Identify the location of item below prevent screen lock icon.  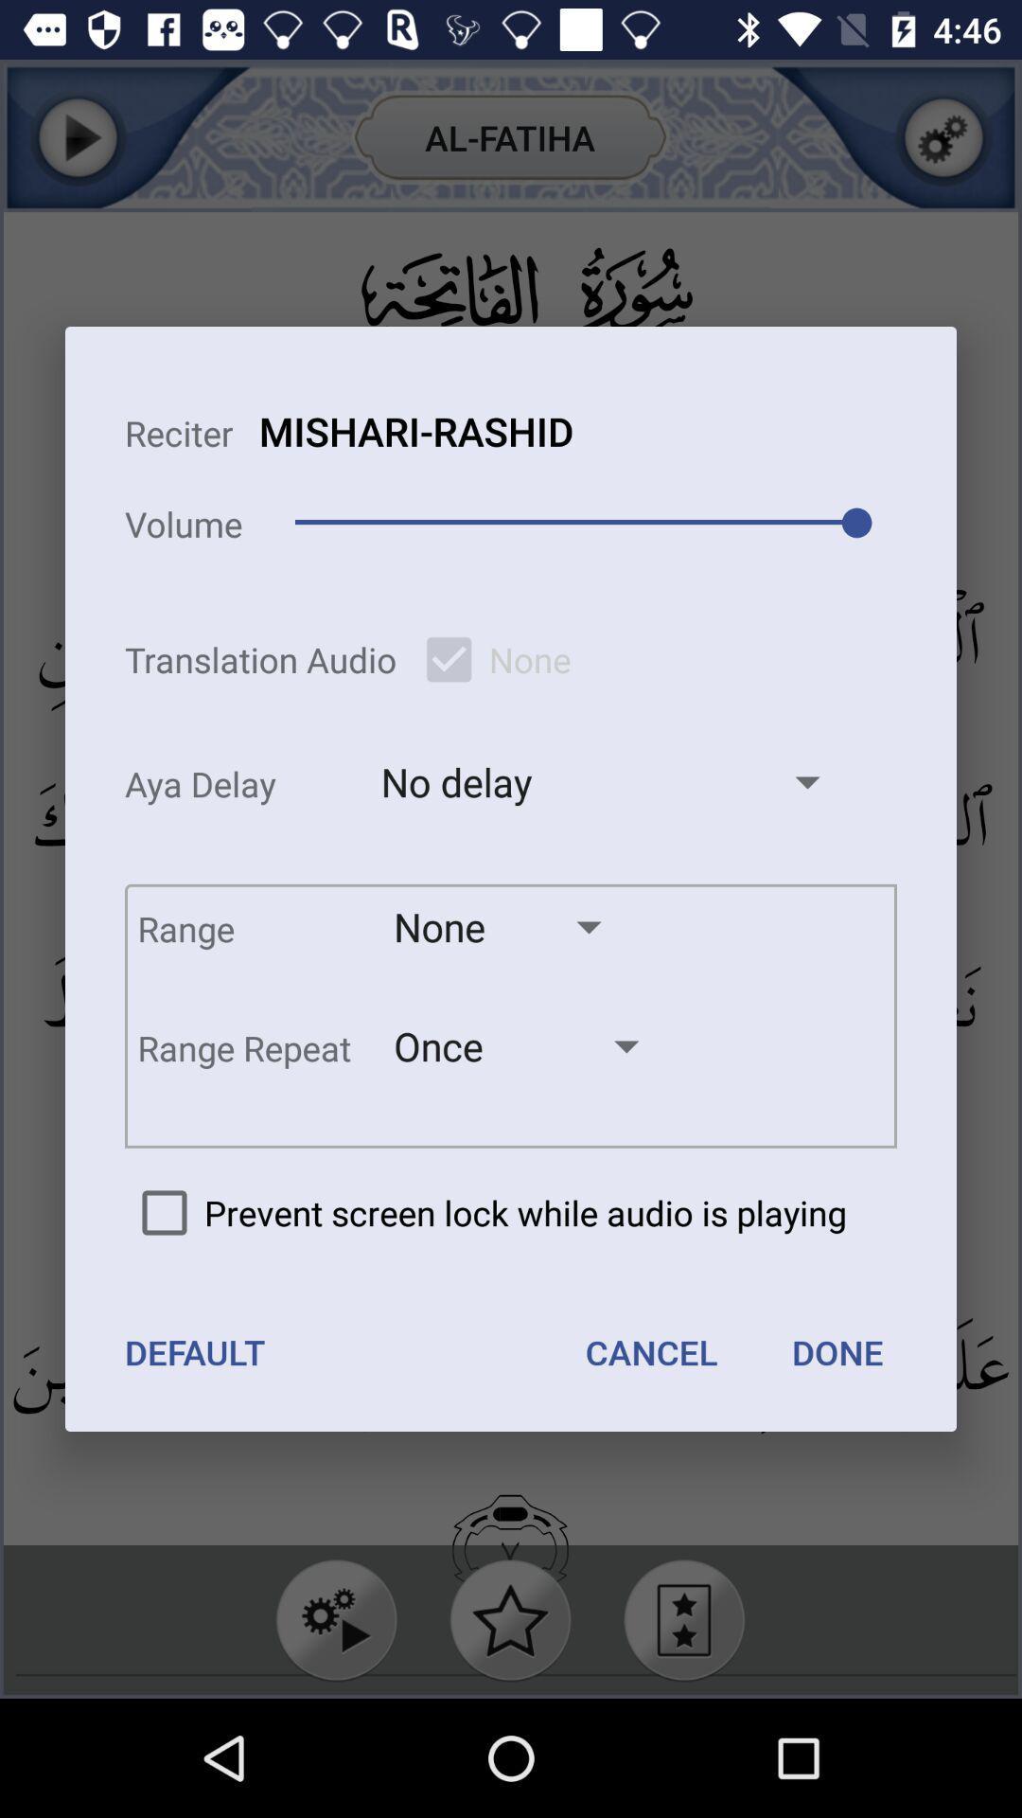
(195, 1351).